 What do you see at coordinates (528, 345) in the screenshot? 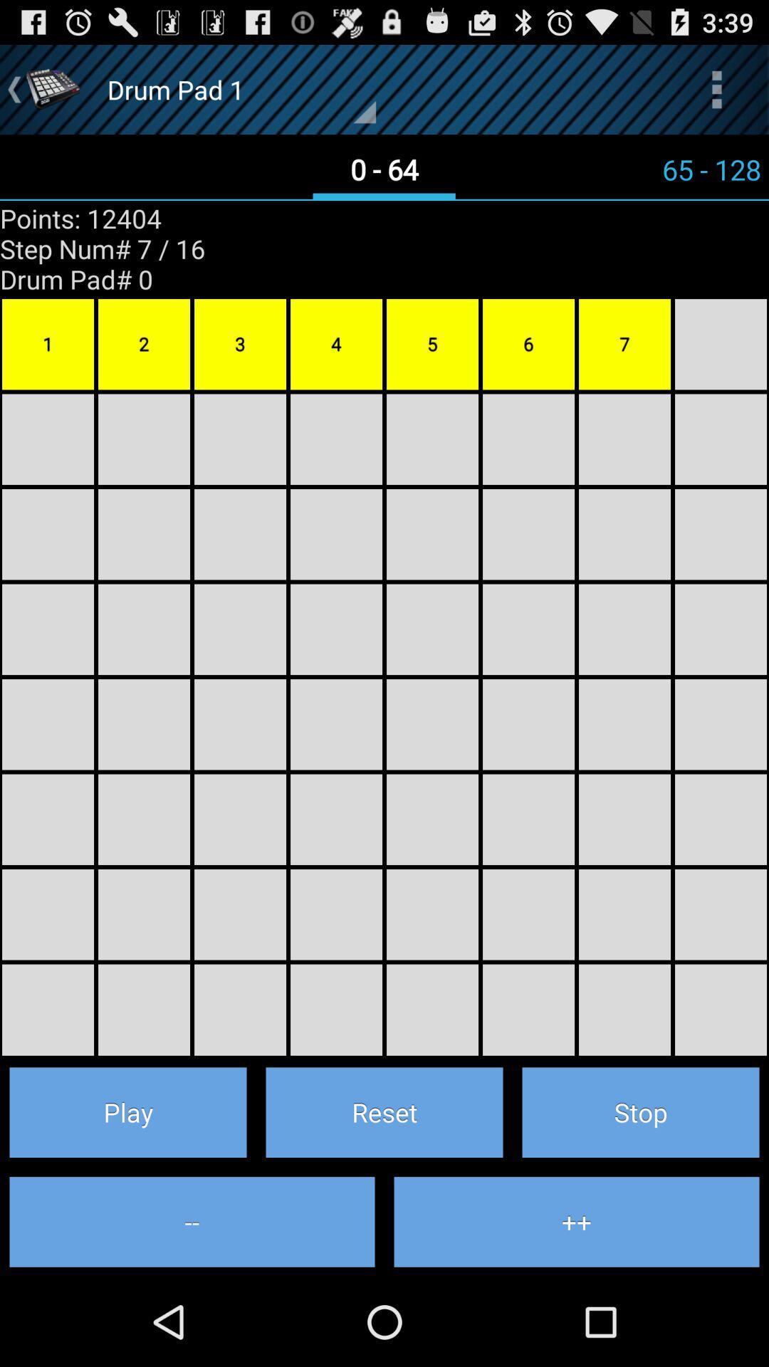
I see `6` at bounding box center [528, 345].